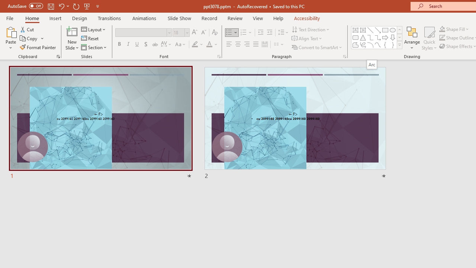 This screenshot has height=268, width=476. Describe the element at coordinates (203, 32) in the screenshot. I see `'Decrease Font Size'` at that location.